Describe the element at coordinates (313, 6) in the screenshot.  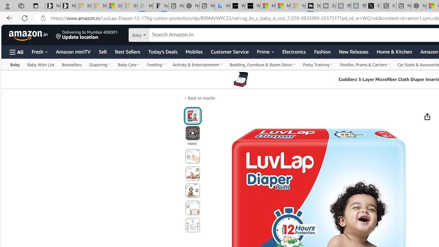
I see `'Streaming Coverage | T3'` at that location.